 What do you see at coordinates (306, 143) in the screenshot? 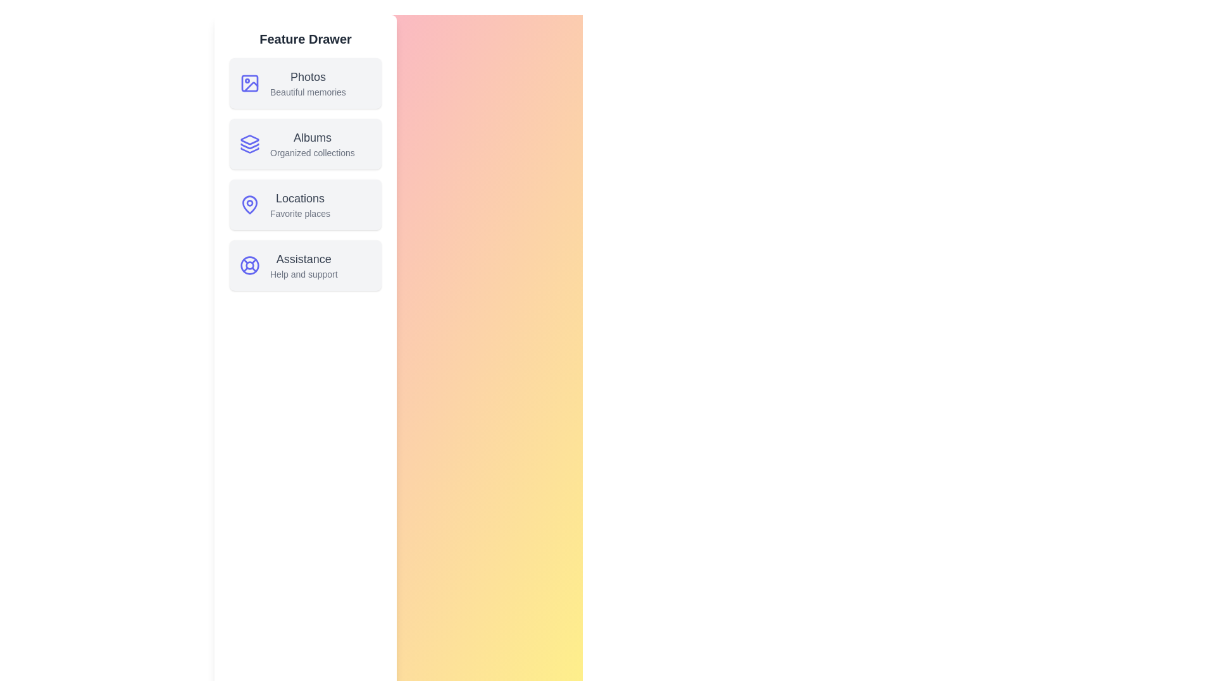
I see `the feature item Albums from the StylishDrawer` at bounding box center [306, 143].